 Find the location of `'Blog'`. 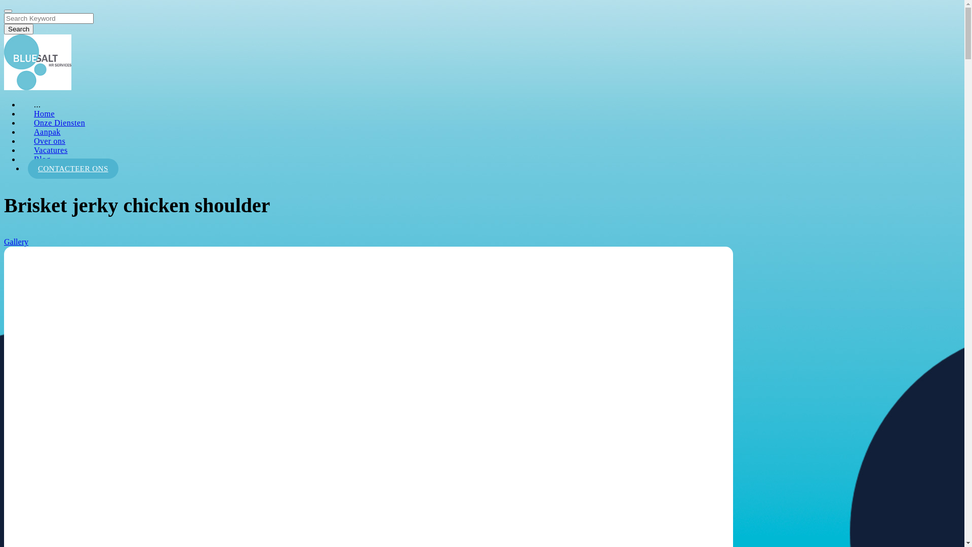

'Blog' is located at coordinates (42, 159).